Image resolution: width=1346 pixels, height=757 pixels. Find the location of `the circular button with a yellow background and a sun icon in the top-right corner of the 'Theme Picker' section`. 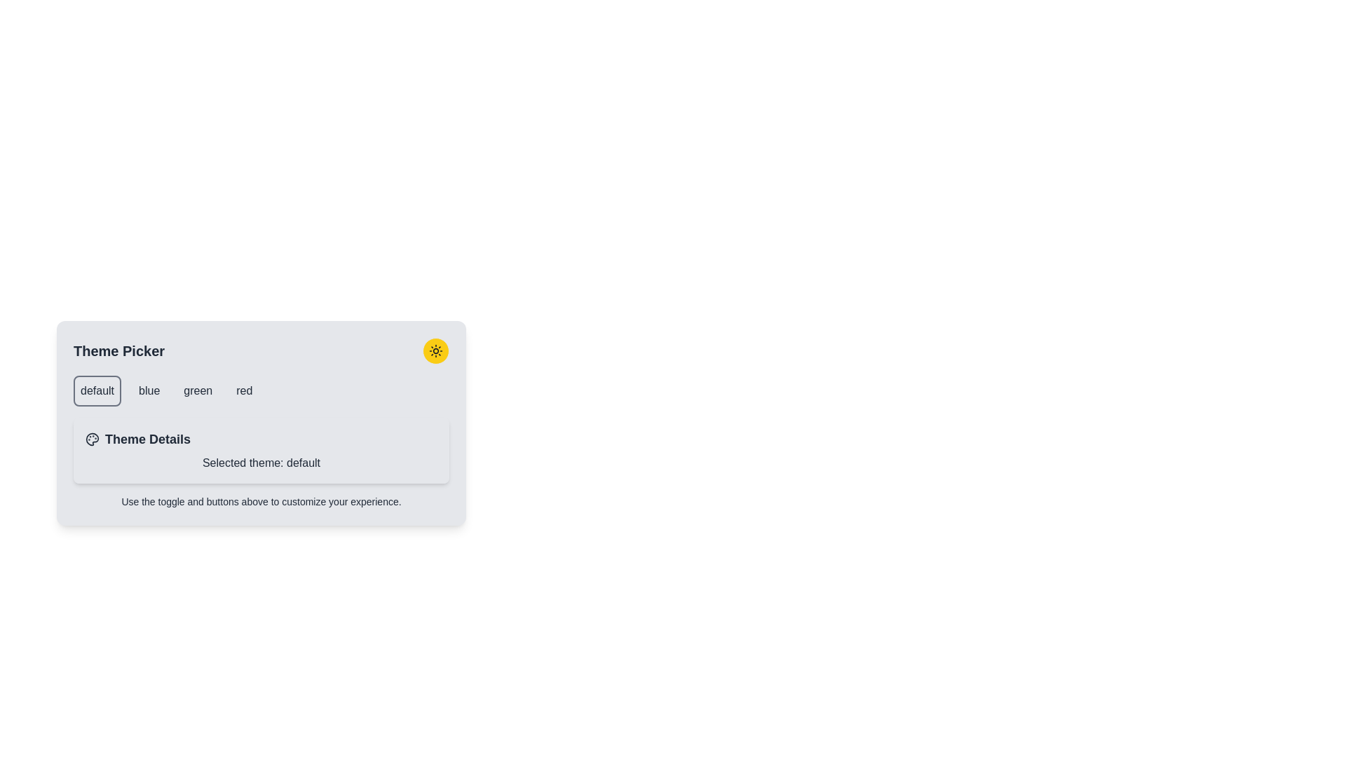

the circular button with a yellow background and a sun icon in the top-right corner of the 'Theme Picker' section is located at coordinates (435, 350).